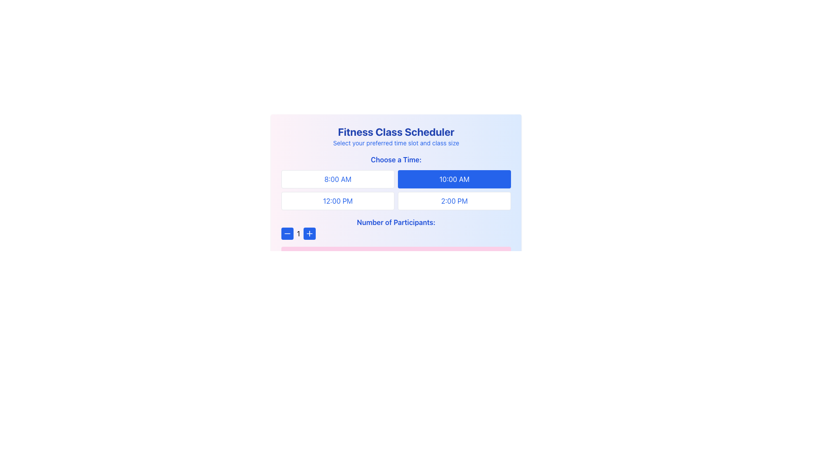  Describe the element at coordinates (287, 233) in the screenshot. I see `the first button that decreases a numeric value, located to the left of the text displaying '1'` at that location.